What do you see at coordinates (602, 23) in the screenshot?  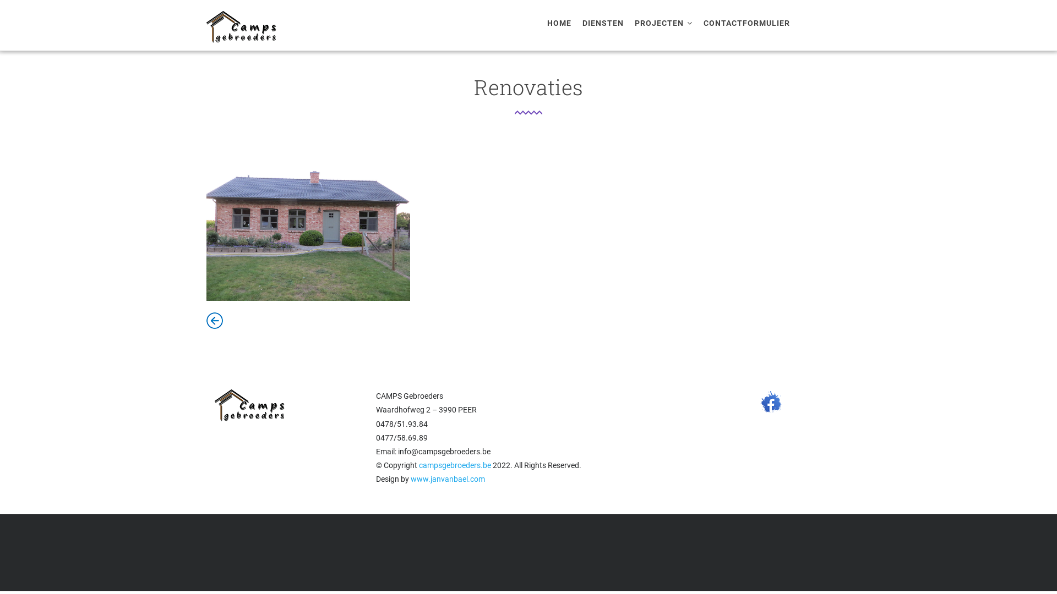 I see `'DIENSTEN'` at bounding box center [602, 23].